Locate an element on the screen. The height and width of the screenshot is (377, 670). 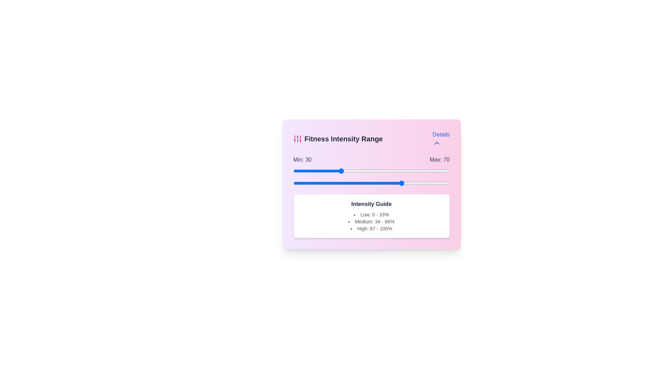
the minimum intensity slider to 34 percent is located at coordinates (346, 171).